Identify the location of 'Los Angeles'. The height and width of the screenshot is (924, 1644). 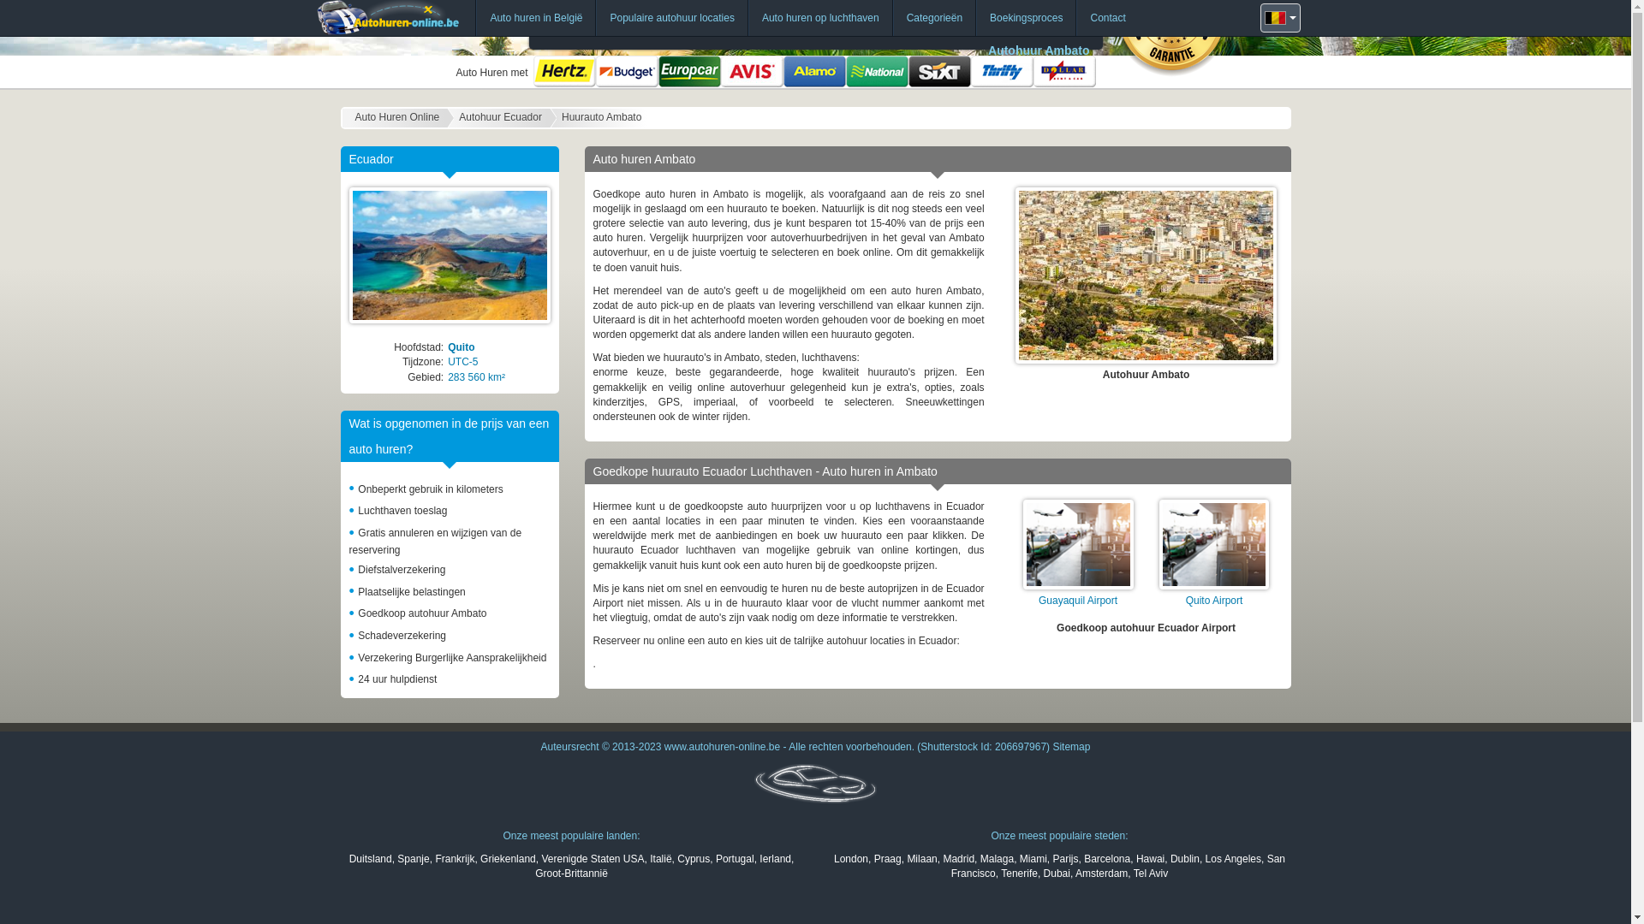
(1233, 858).